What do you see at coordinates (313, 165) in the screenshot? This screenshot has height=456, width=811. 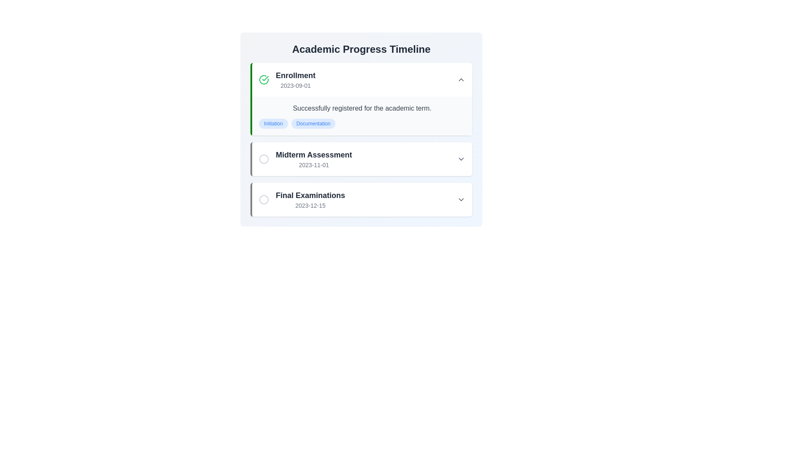 I see `date displayed in gray text below the 'Midterm Assessment' heading, which shows '2023-11-01'` at bounding box center [313, 165].